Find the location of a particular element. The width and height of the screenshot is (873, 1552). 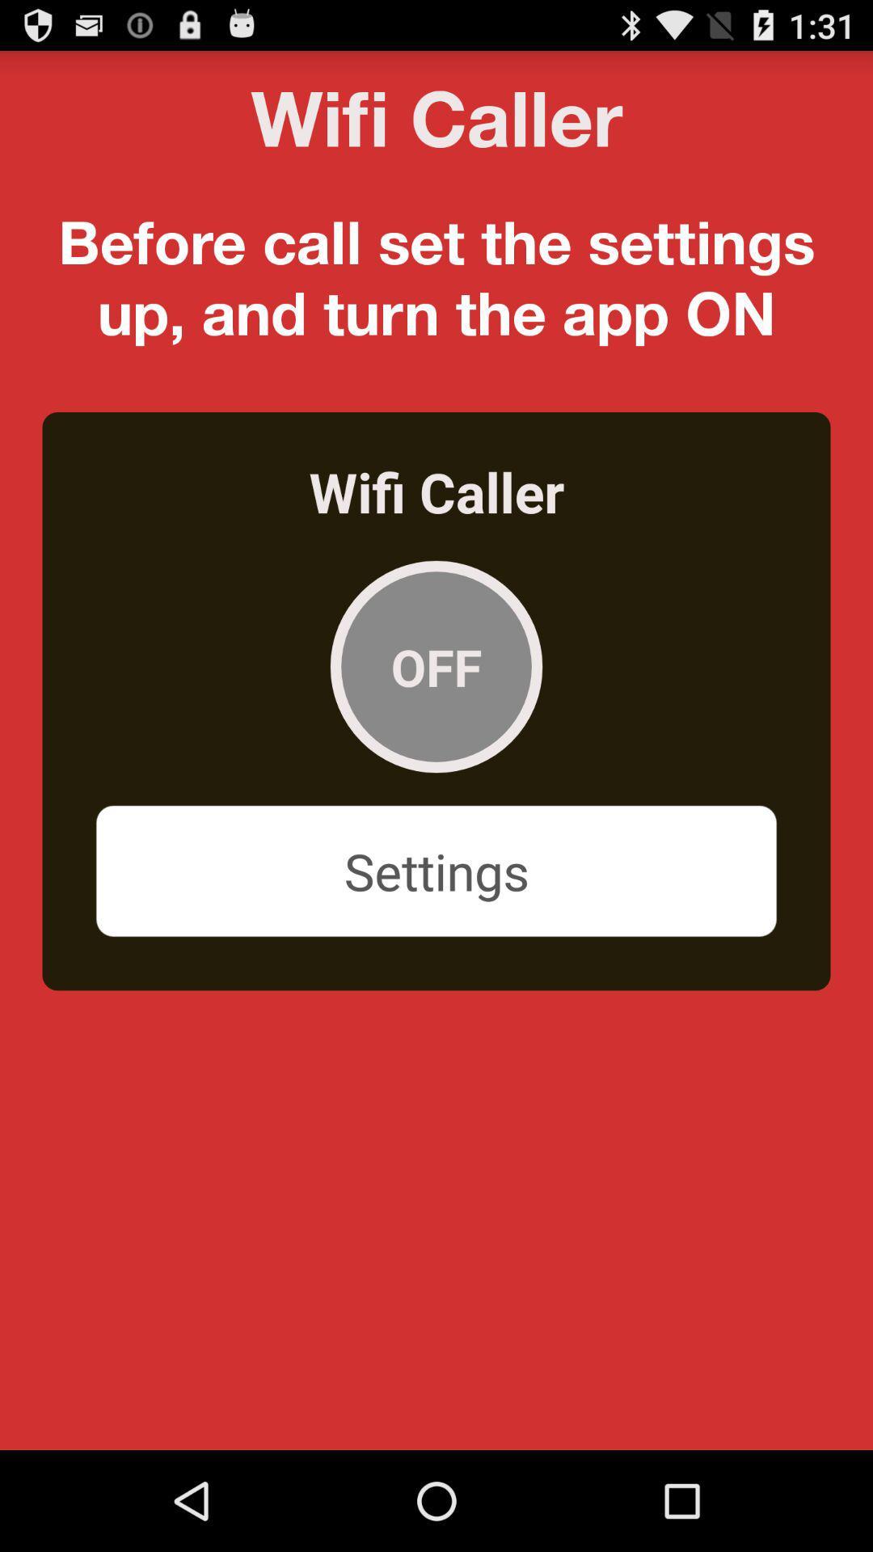

item above the settings icon is located at coordinates (436, 667).